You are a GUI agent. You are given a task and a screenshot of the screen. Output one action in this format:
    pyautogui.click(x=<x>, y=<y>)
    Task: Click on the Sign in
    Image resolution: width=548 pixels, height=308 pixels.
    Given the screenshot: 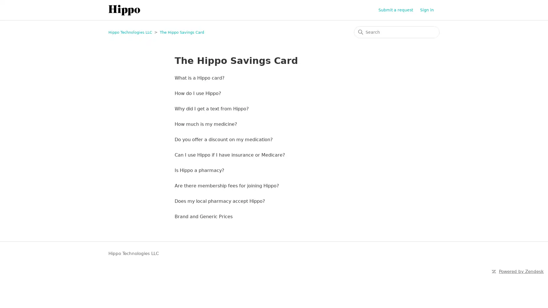 What is the action you would take?
    pyautogui.click(x=430, y=10)
    